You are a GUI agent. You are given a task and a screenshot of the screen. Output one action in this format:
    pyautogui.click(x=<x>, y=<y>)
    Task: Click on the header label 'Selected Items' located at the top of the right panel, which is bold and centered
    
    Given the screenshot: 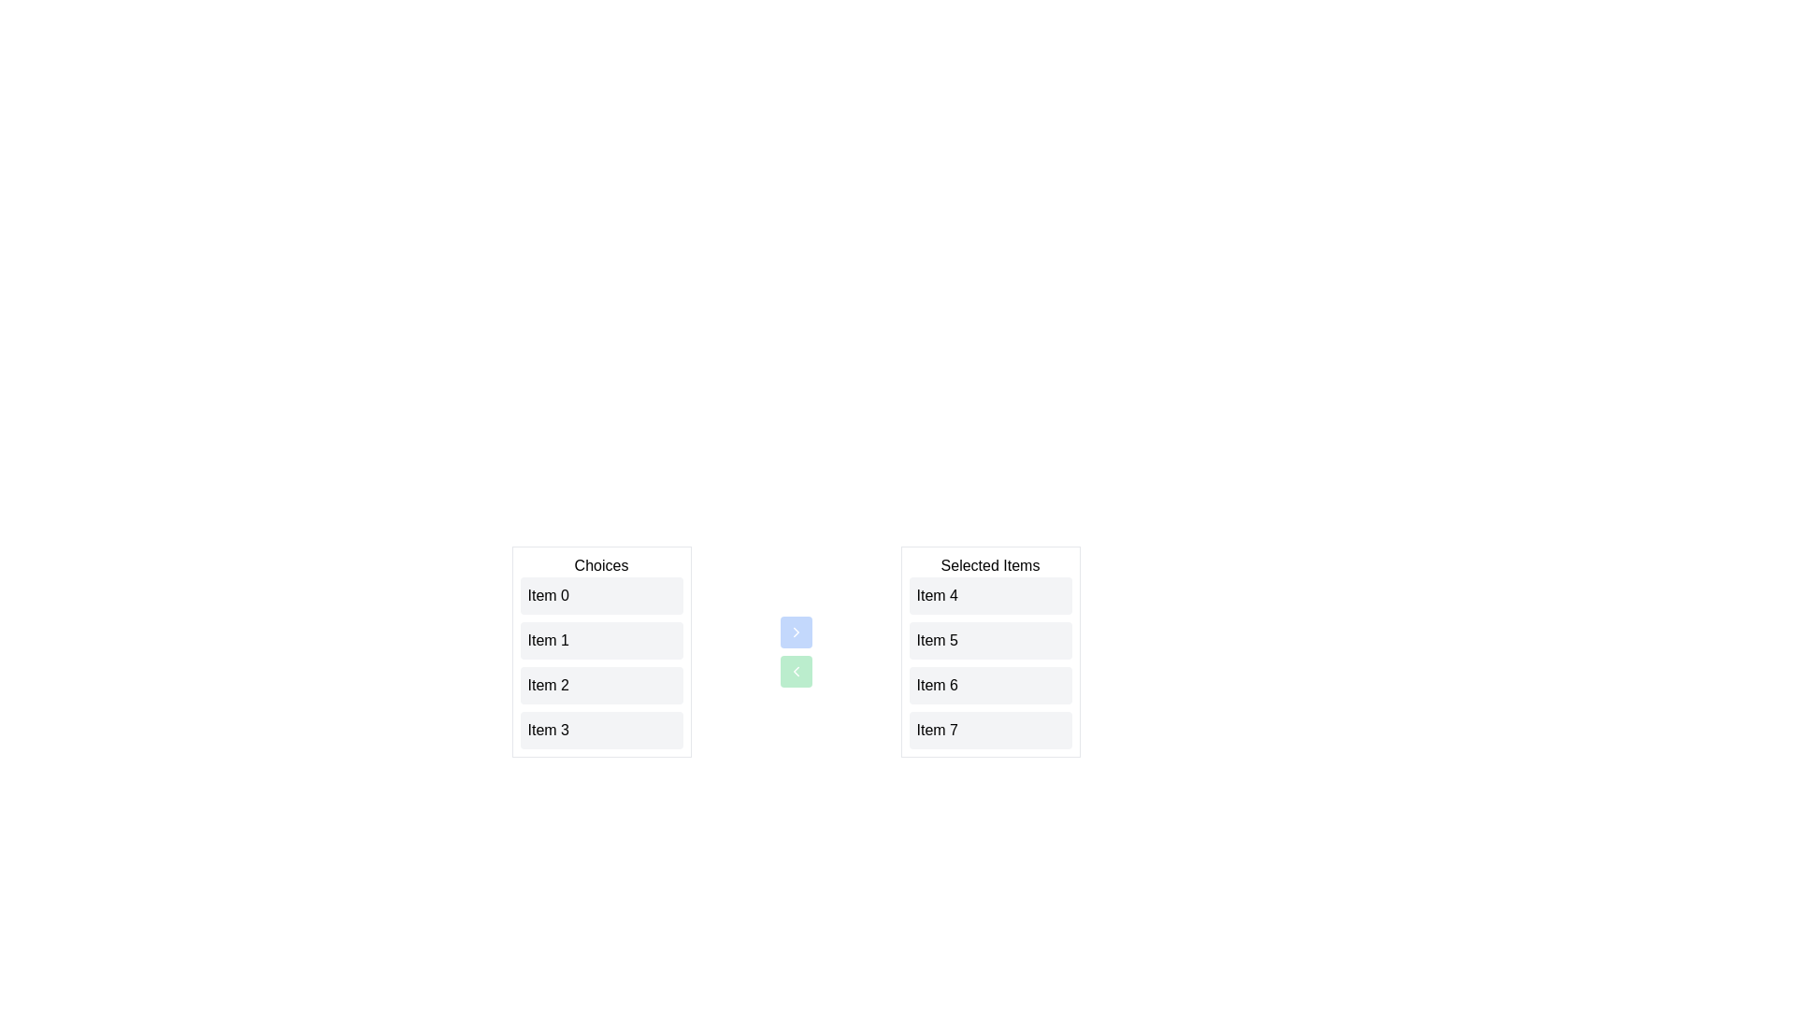 What is the action you would take?
    pyautogui.click(x=989, y=564)
    